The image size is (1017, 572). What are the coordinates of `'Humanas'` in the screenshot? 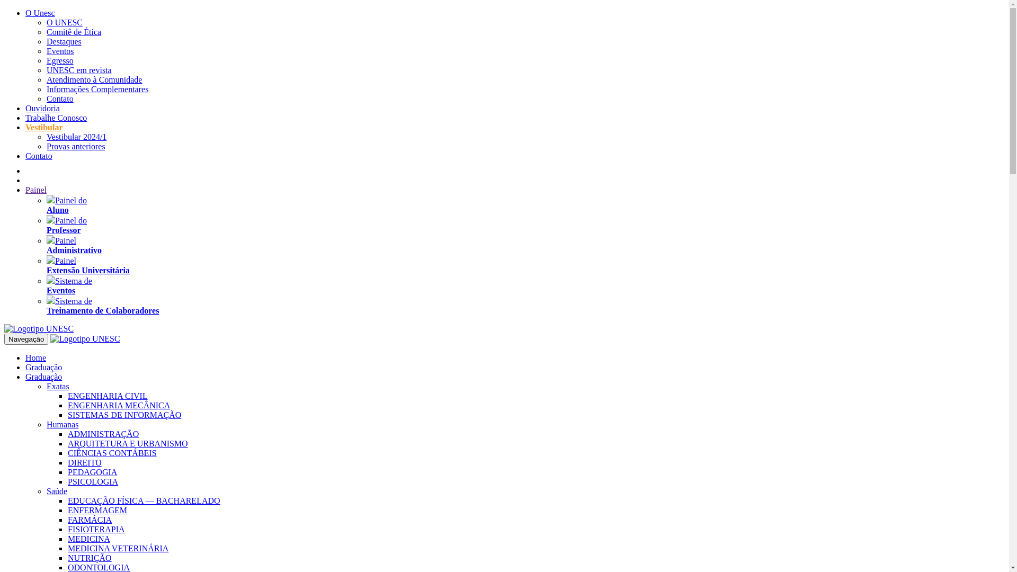 It's located at (46, 424).